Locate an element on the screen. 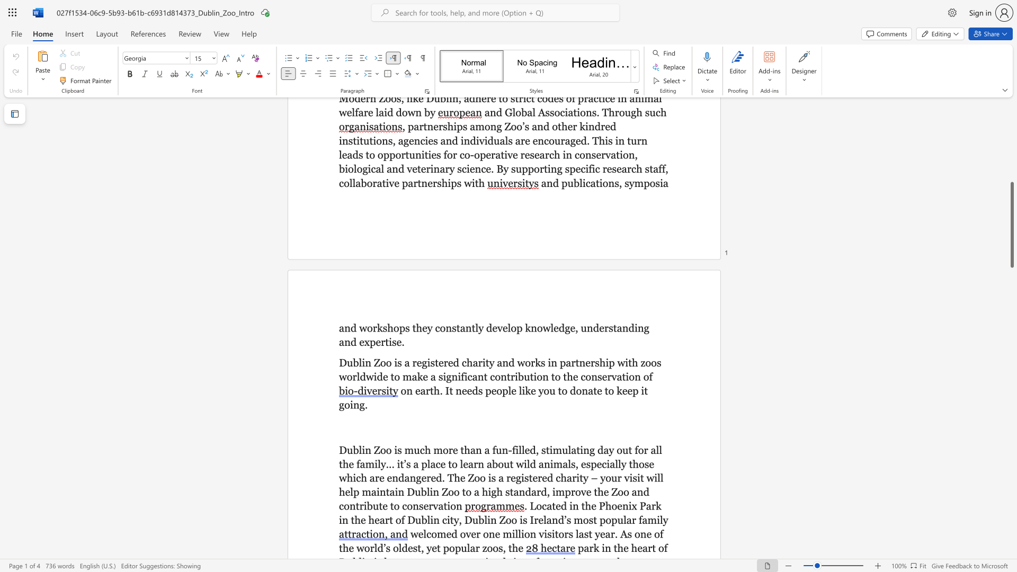  the subset text "ered charity – your visi" within the text "a place to learn about wild animals, especially those which are endangered. The Zoo is a registered charity – your visit will help" is located at coordinates (532, 478).